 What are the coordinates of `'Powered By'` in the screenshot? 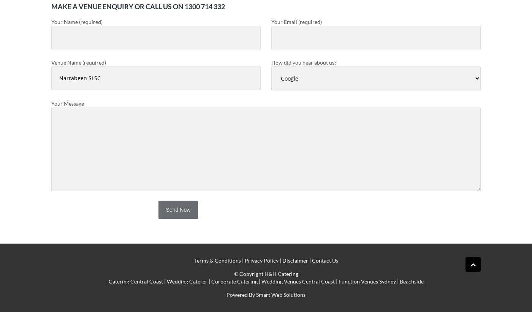 It's located at (241, 294).